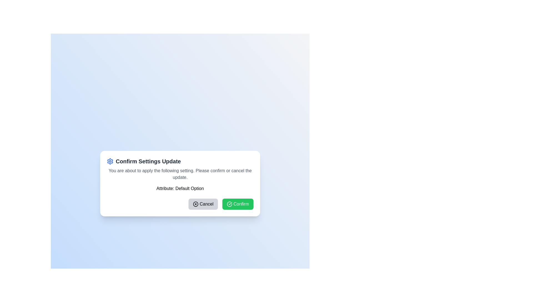  Describe the element at coordinates (196, 204) in the screenshot. I see `the Icon embedded in the 'Cancel' button, which is located to the left of the button's label text and below the dialog box titled 'Confirm Settings Update'` at that location.